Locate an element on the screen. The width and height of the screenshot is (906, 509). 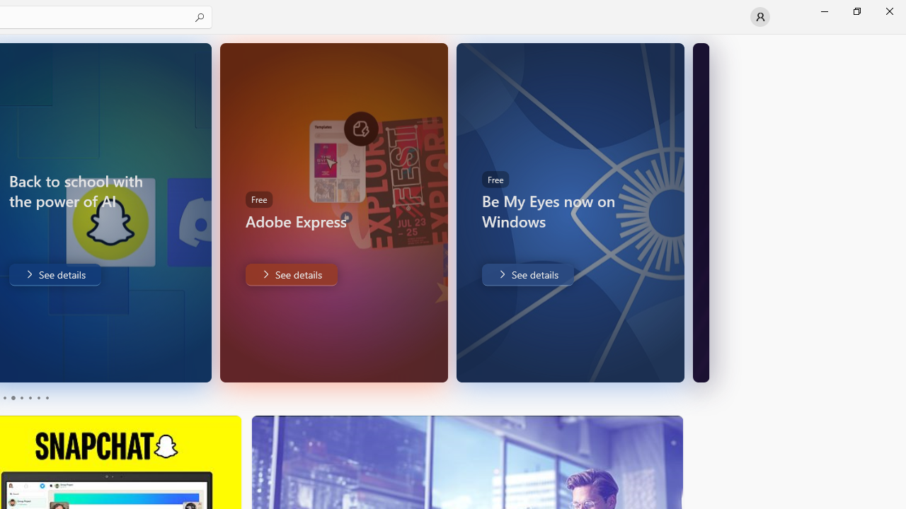
'User profile' is located at coordinates (759, 17).